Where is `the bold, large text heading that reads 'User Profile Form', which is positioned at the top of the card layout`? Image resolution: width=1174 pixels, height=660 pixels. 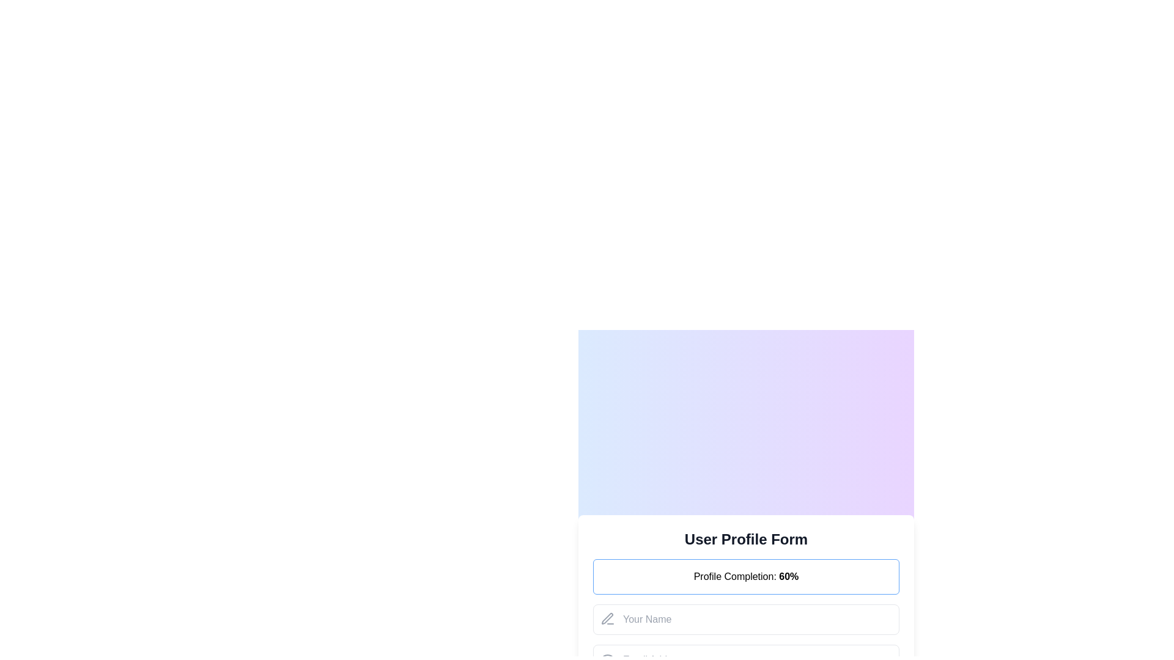 the bold, large text heading that reads 'User Profile Form', which is positioned at the top of the card layout is located at coordinates (745, 538).